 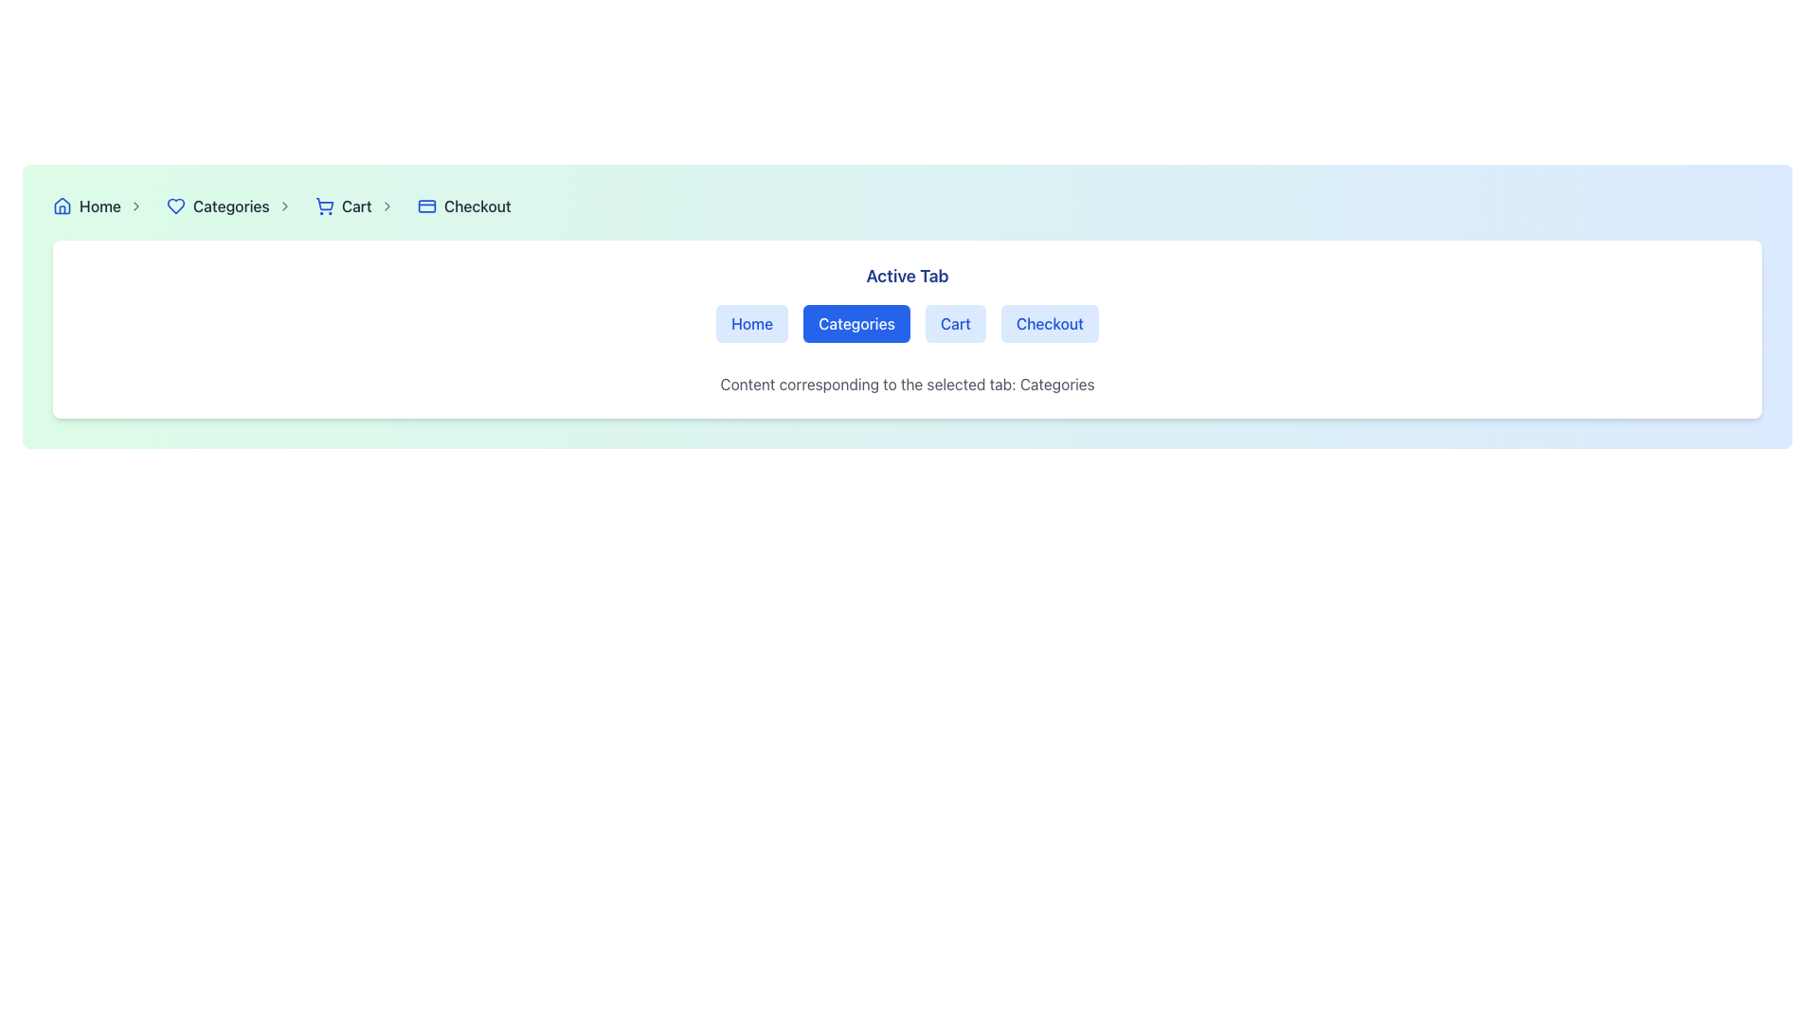 I want to click on the rightward-pointing chevron icon with a thin, rounded stroke and gray color that follows the text 'Categories' in the navigation bar for navigation indication, so click(x=283, y=206).